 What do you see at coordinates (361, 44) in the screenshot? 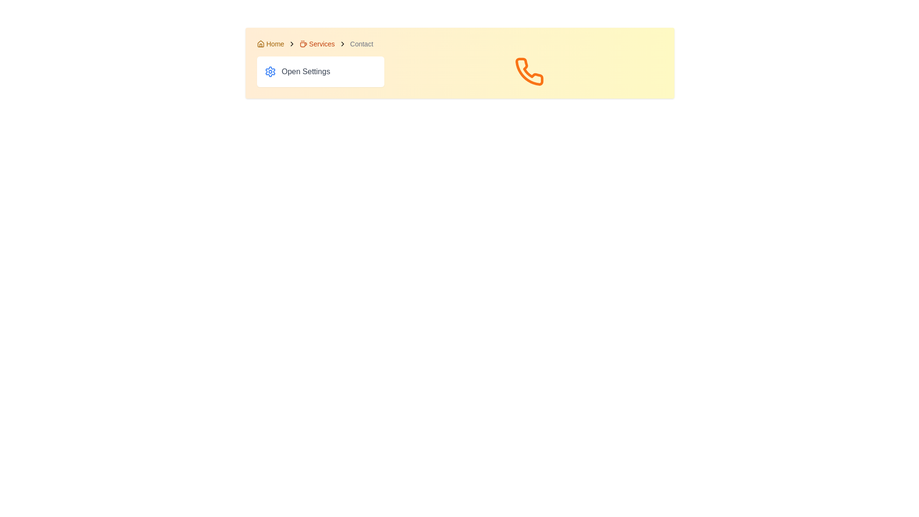
I see `the 'Contact' text label in the breadcrumb navigation component, which is the final item in the sequence, located in the upper central portion of the interface` at bounding box center [361, 44].